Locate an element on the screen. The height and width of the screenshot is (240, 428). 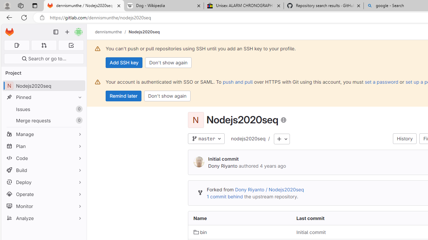
'Dony Riyanto' is located at coordinates (223, 165).